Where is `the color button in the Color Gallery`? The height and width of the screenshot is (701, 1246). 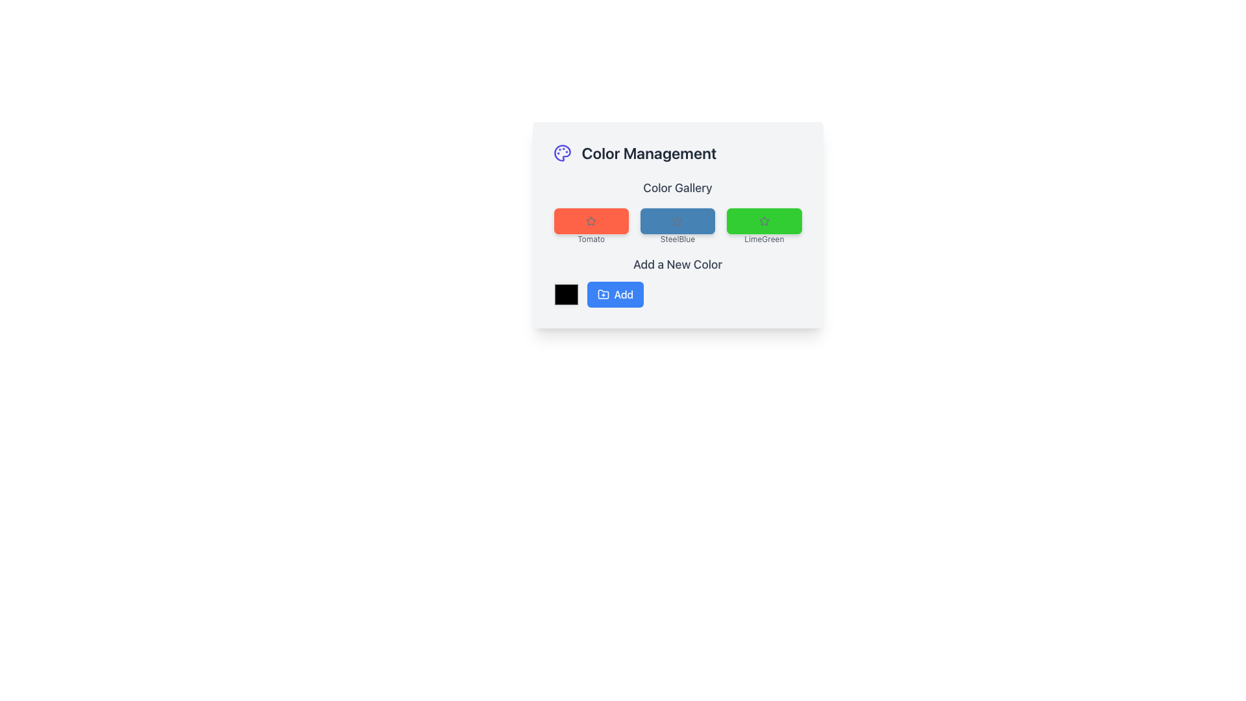 the color button in the Color Gallery is located at coordinates (677, 206).